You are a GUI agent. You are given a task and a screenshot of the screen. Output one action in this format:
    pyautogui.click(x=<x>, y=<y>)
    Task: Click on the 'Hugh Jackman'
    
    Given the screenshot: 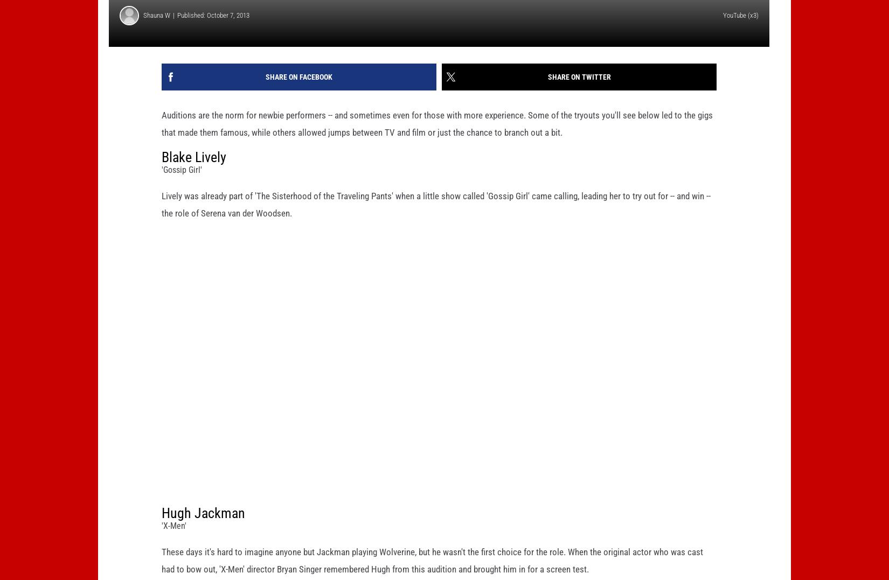 What is the action you would take?
    pyautogui.click(x=203, y=529)
    